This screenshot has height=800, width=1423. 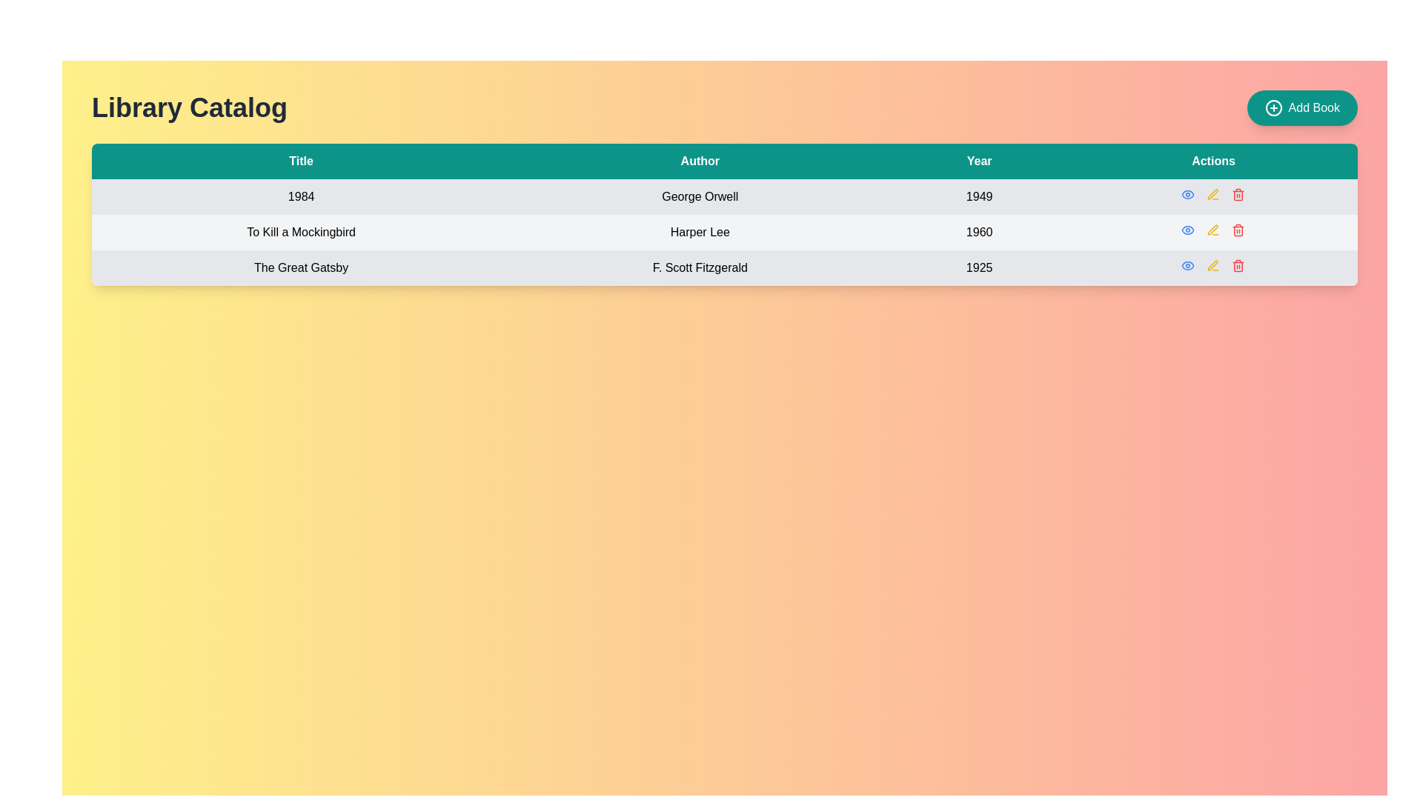 I want to click on the red trash bin icon button in the second row of the Actions column, so click(x=1238, y=230).